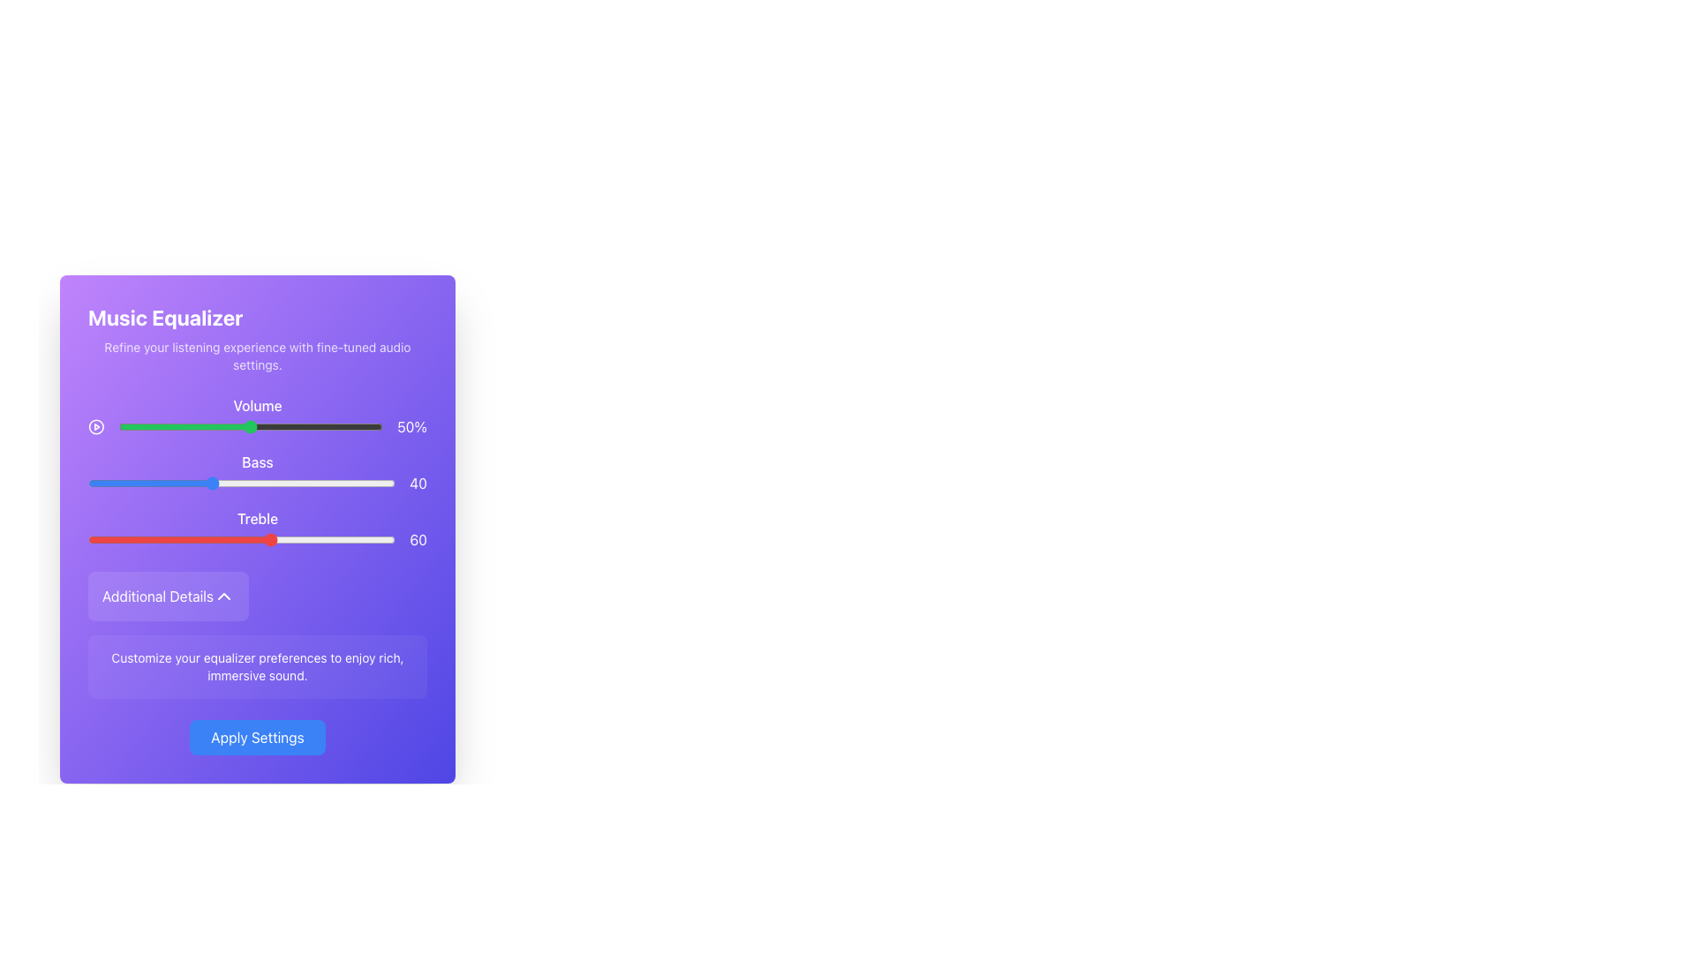  Describe the element at coordinates (117, 539) in the screenshot. I see `the treble level` at that location.